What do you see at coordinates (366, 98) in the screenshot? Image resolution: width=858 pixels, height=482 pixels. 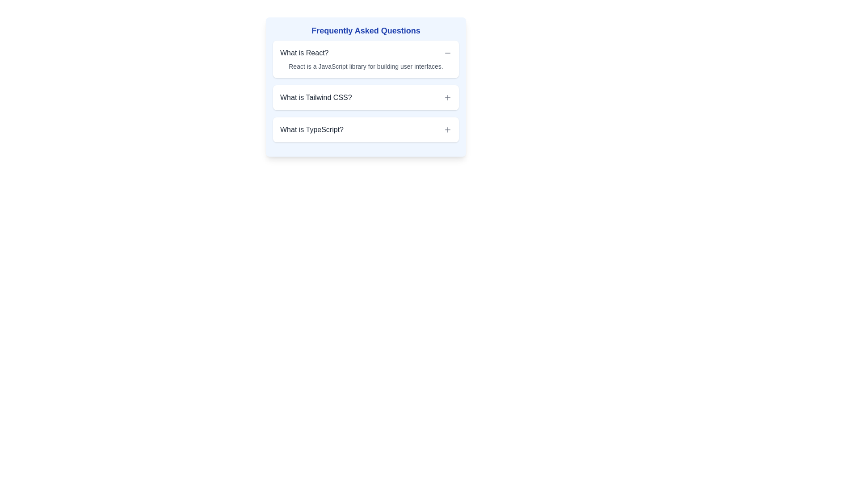 I see `the '+' button of the second expandable list item in the FAQ section to emphasize it` at bounding box center [366, 98].